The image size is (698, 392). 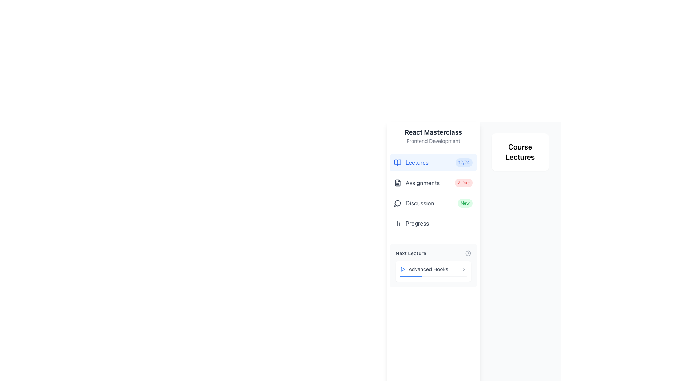 What do you see at coordinates (520, 152) in the screenshot?
I see `the 'Course Lectures' section header, which indicates the content of the section it represents` at bounding box center [520, 152].